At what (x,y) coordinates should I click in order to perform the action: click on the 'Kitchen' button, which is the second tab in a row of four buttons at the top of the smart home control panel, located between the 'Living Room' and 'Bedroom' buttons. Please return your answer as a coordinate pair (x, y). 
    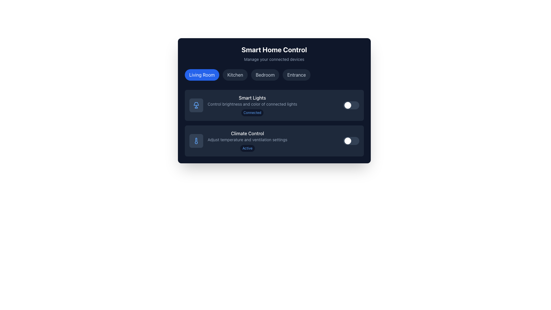
    Looking at the image, I should click on (235, 75).